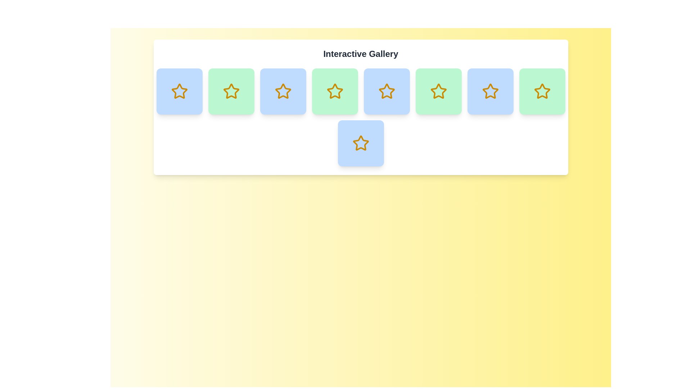  What do you see at coordinates (334, 91) in the screenshot?
I see `star icon within the sixth interactive tile in the horizontally arranged gallery located near the top-center of the interface` at bounding box center [334, 91].